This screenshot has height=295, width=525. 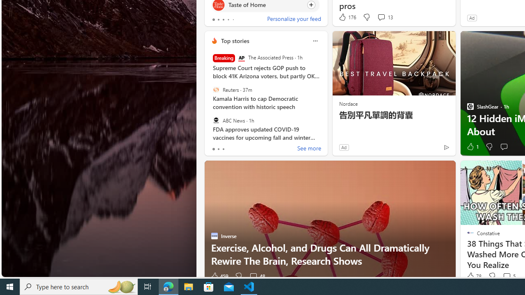 What do you see at coordinates (213, 149) in the screenshot?
I see `'tab-0'` at bounding box center [213, 149].